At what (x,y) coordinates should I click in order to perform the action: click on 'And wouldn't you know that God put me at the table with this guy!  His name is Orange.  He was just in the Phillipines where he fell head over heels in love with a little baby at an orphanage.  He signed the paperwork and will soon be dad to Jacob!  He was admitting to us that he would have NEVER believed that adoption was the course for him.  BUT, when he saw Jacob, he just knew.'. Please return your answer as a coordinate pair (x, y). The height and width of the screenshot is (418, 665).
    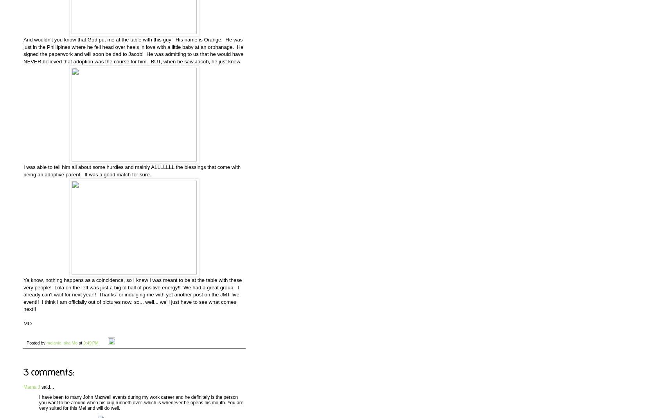
    Looking at the image, I should click on (133, 50).